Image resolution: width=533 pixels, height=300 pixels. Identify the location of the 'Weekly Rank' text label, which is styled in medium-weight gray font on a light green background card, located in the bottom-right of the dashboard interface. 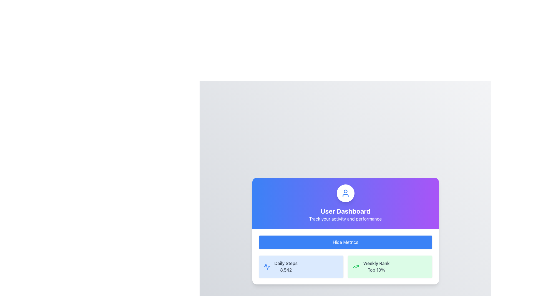
(376, 263).